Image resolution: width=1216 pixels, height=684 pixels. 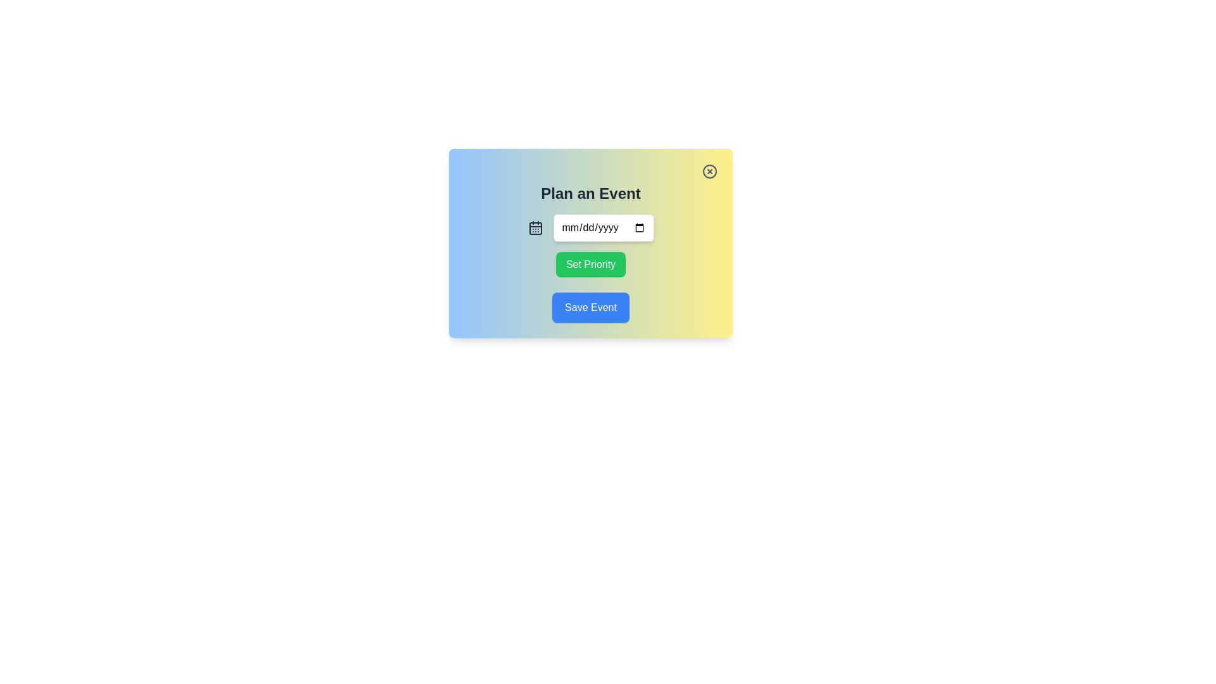 What do you see at coordinates (590, 308) in the screenshot?
I see `the 'Save Event' button, which has a blue background and white text, located at the bottom of the 'Plan an Event' modal, below the 'Set Priority' button` at bounding box center [590, 308].